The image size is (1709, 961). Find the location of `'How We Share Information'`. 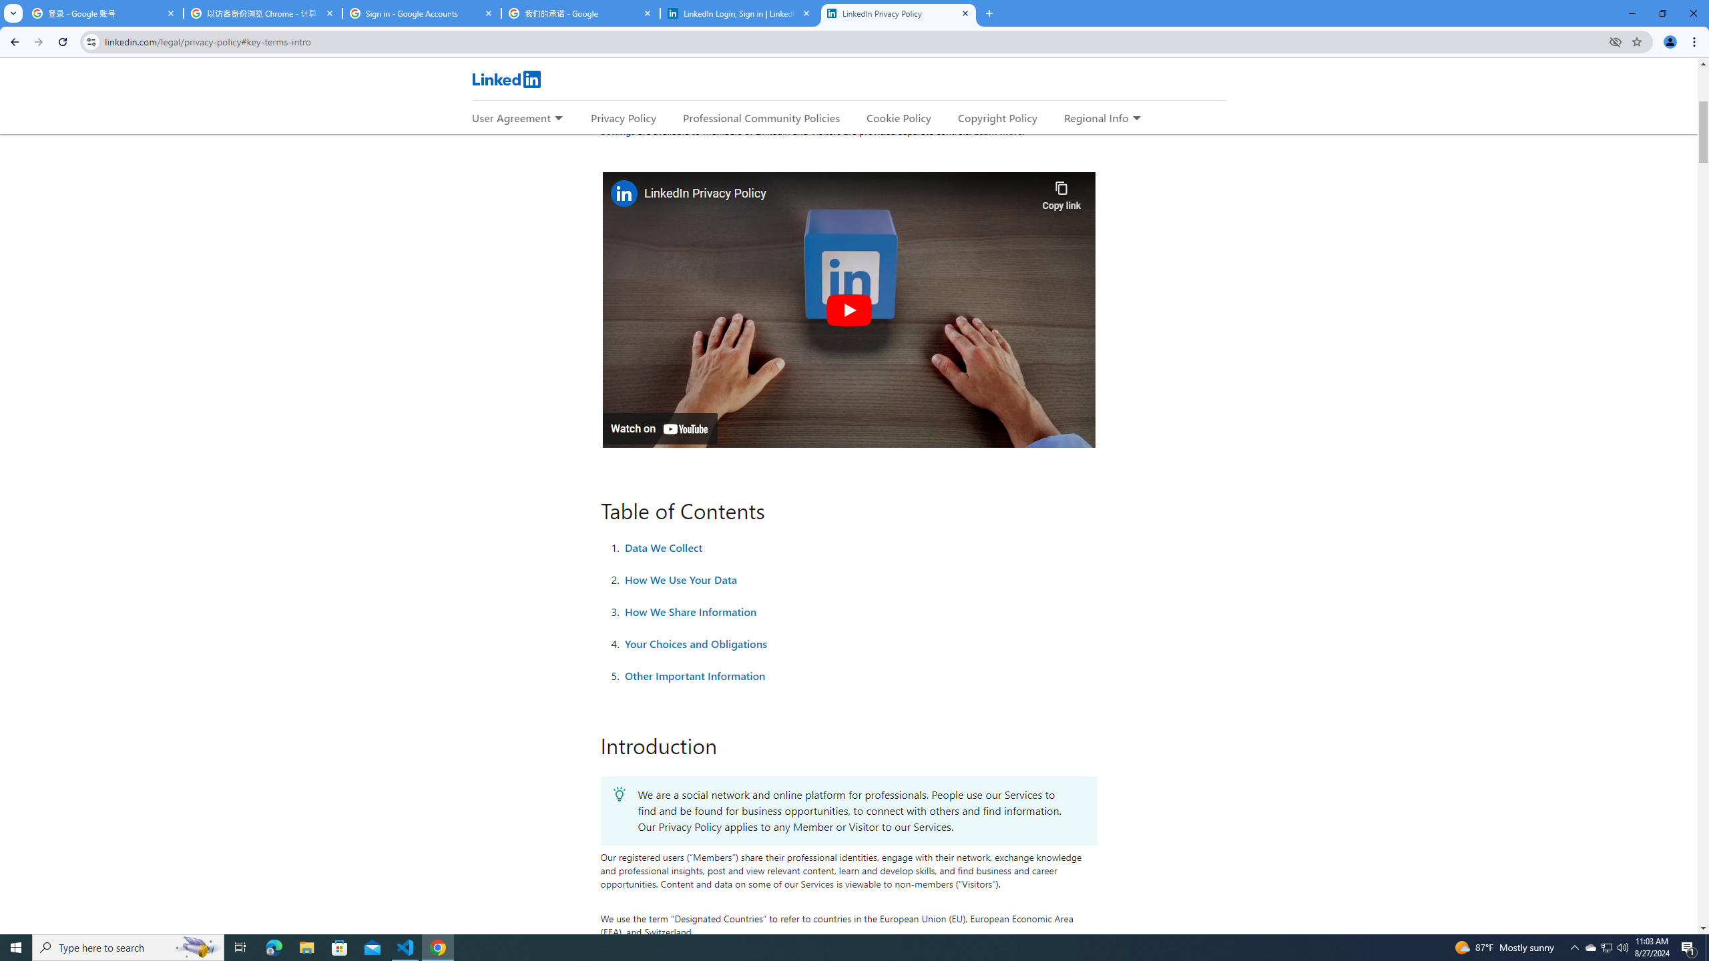

'How We Share Information' is located at coordinates (691, 611).